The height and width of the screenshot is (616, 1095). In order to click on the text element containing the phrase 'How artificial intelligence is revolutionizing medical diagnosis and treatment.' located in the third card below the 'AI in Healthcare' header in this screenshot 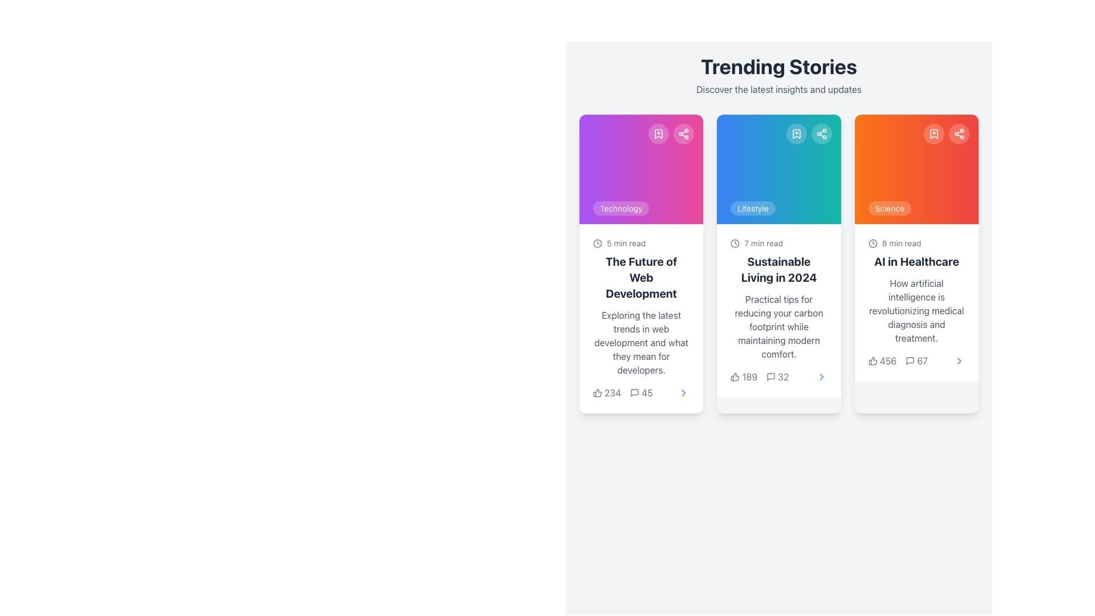, I will do `click(916, 310)`.